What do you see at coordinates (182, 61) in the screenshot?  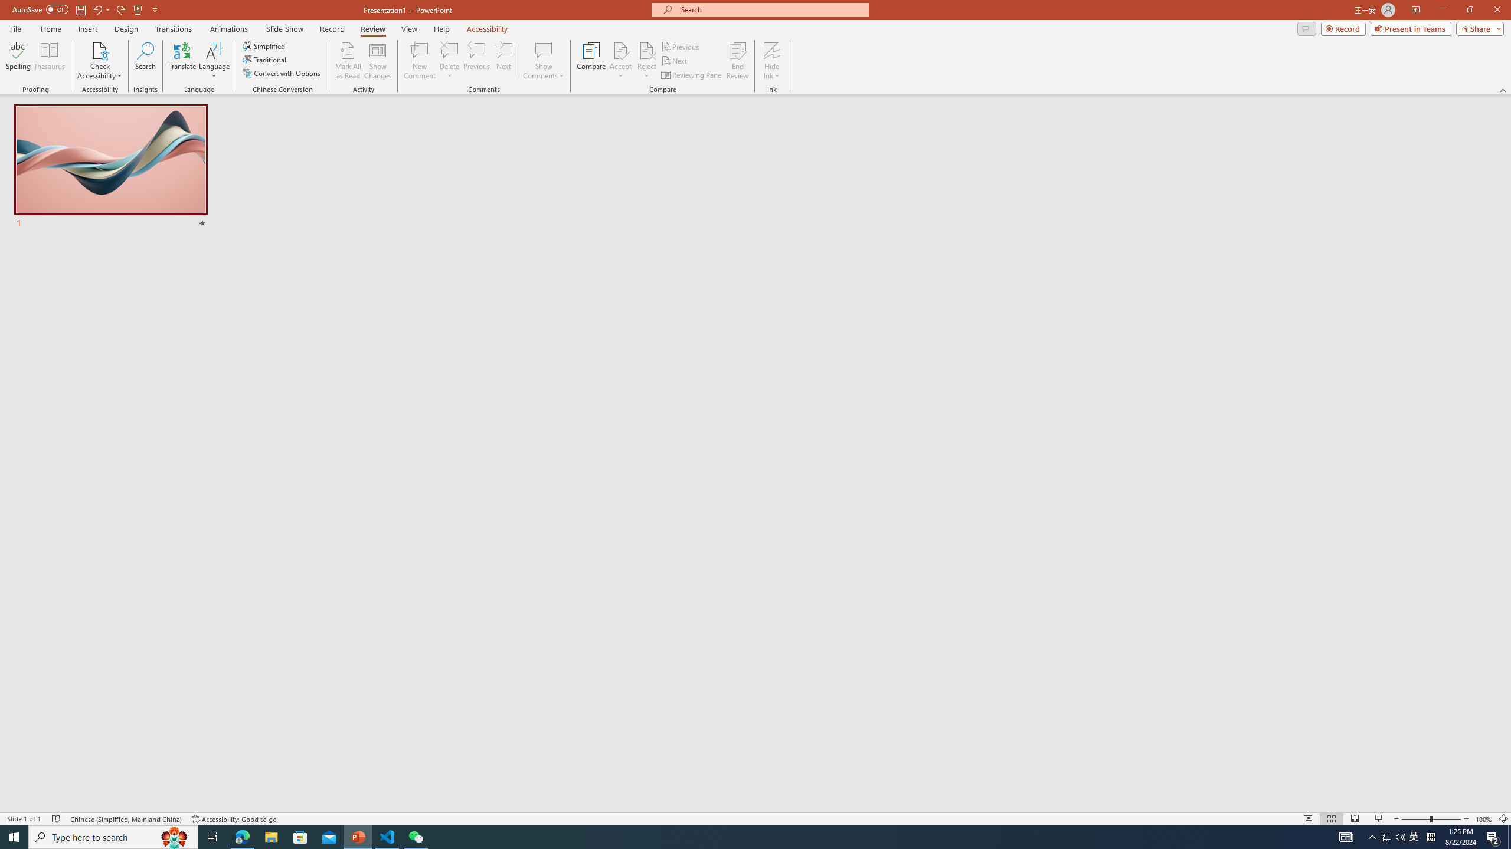 I see `'Translate'` at bounding box center [182, 61].